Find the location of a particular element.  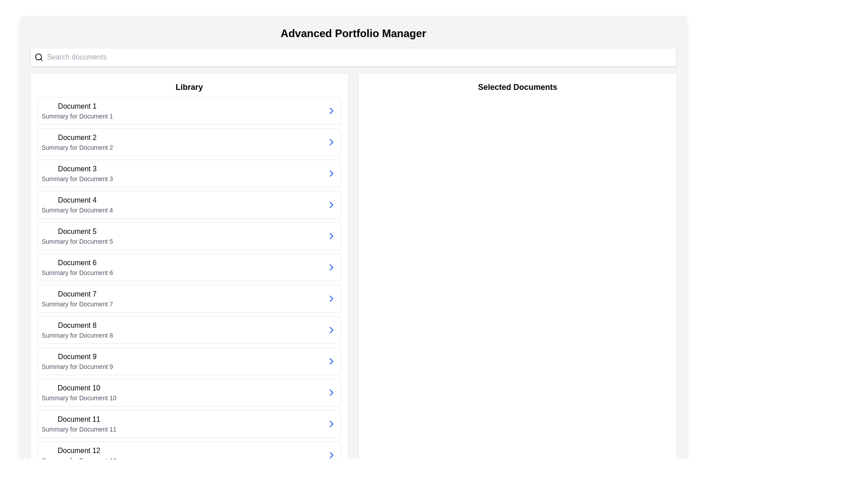

the right-facing chevron icon associated with 'Document 12' in the bottom-most row of the document list to trigger the tooltip or visual effect is located at coordinates (331, 455).